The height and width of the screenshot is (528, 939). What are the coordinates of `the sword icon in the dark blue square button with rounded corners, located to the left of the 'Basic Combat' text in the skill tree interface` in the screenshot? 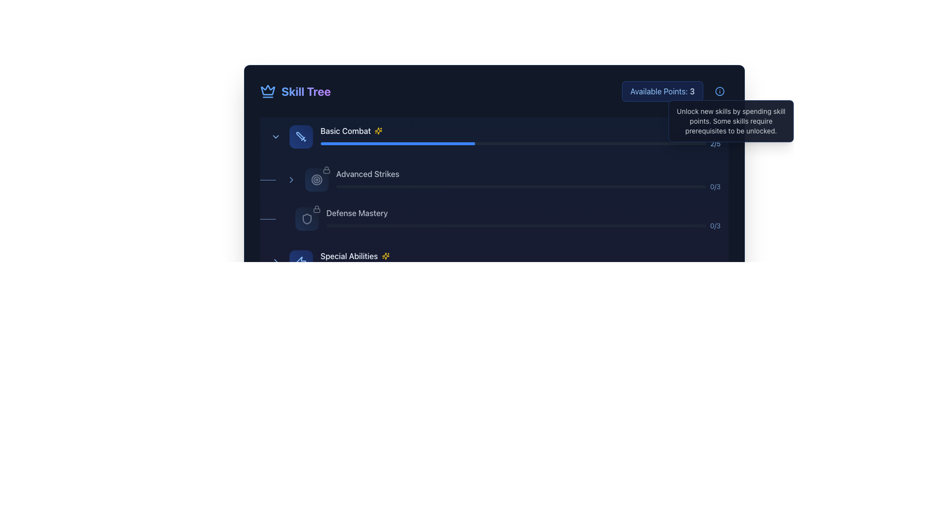 It's located at (300, 137).